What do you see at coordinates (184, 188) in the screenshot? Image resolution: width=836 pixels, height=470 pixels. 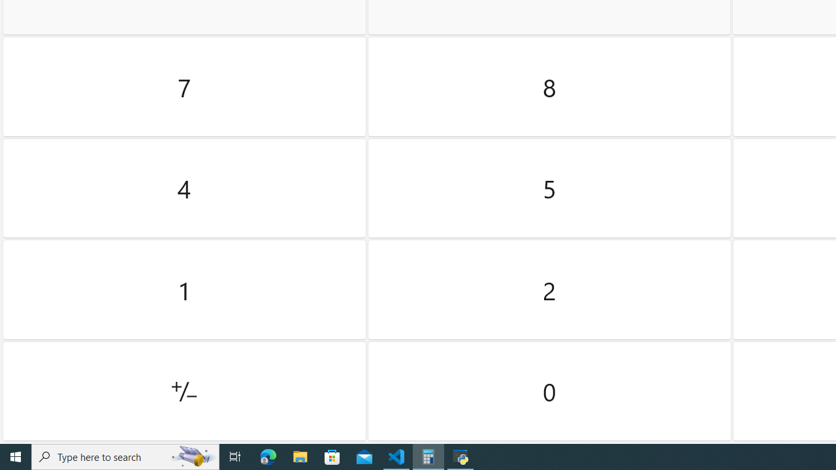 I see `'Four'` at bounding box center [184, 188].